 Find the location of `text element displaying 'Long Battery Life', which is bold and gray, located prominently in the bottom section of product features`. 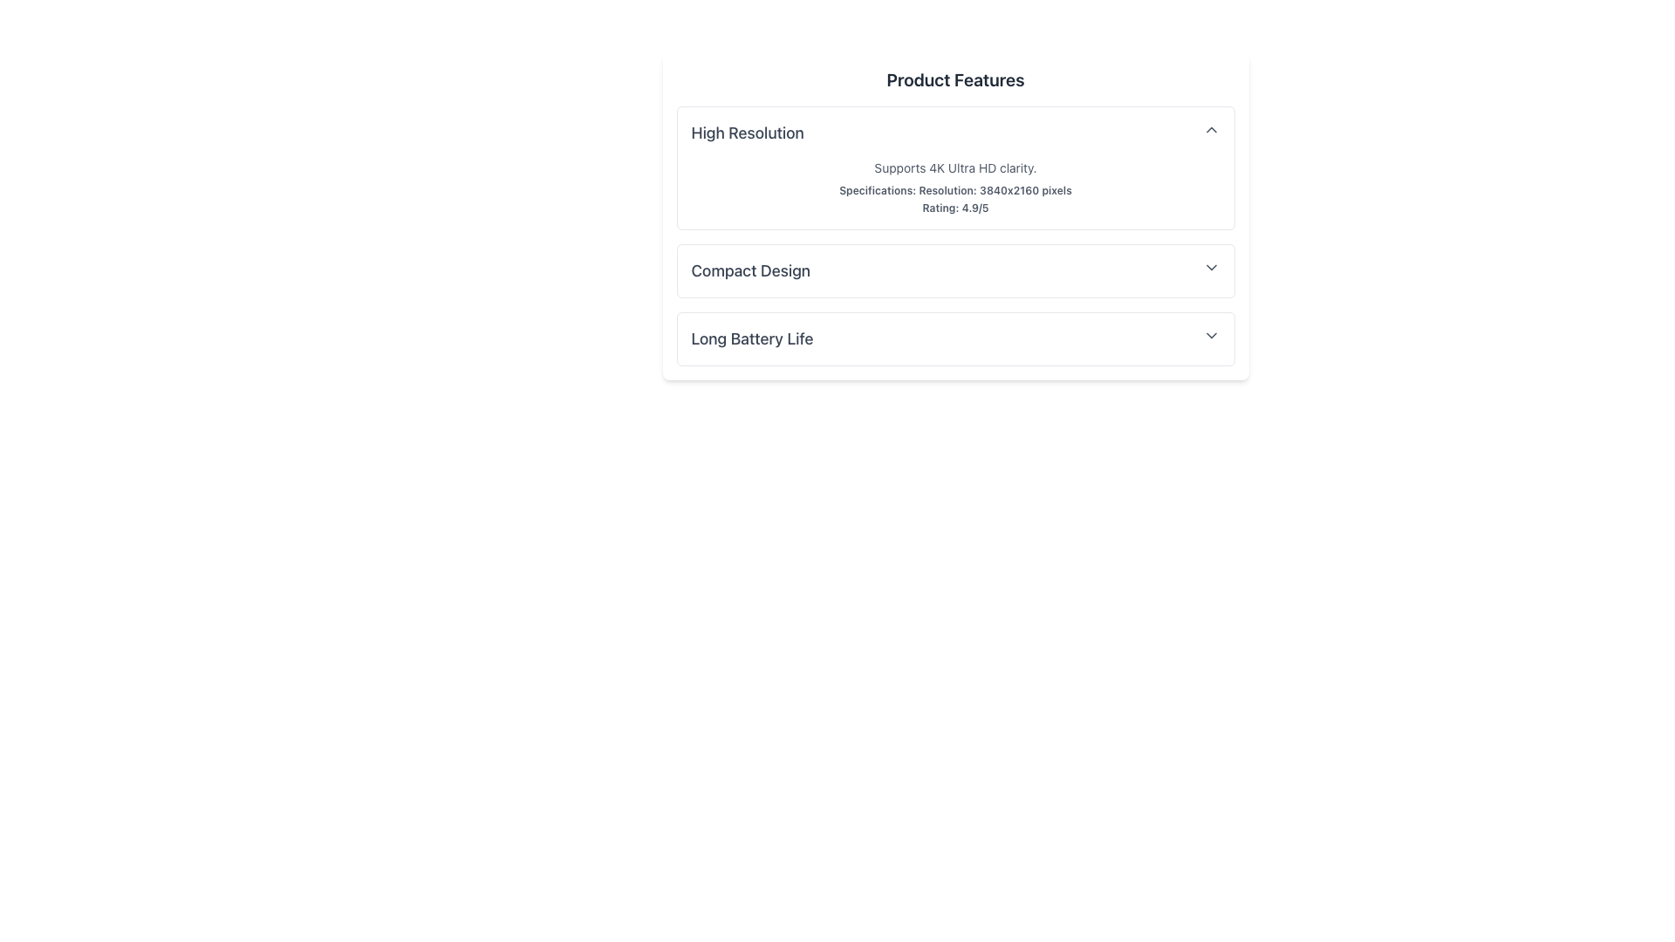

text element displaying 'Long Battery Life', which is bold and gray, located prominently in the bottom section of product features is located at coordinates (752, 339).